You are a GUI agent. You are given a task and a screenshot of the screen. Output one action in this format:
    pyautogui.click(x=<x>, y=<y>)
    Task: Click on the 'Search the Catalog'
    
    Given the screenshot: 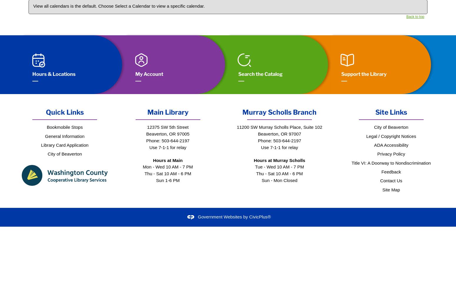 What is the action you would take?
    pyautogui.click(x=238, y=74)
    